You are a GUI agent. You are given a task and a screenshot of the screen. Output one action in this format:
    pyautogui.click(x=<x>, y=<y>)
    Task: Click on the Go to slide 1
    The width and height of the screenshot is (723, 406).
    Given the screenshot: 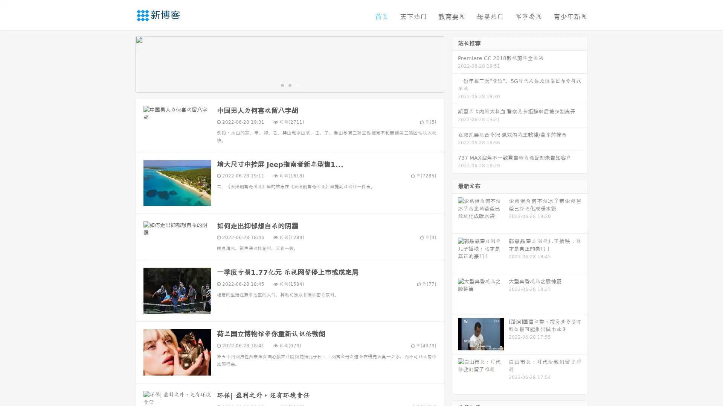 What is the action you would take?
    pyautogui.click(x=282, y=85)
    